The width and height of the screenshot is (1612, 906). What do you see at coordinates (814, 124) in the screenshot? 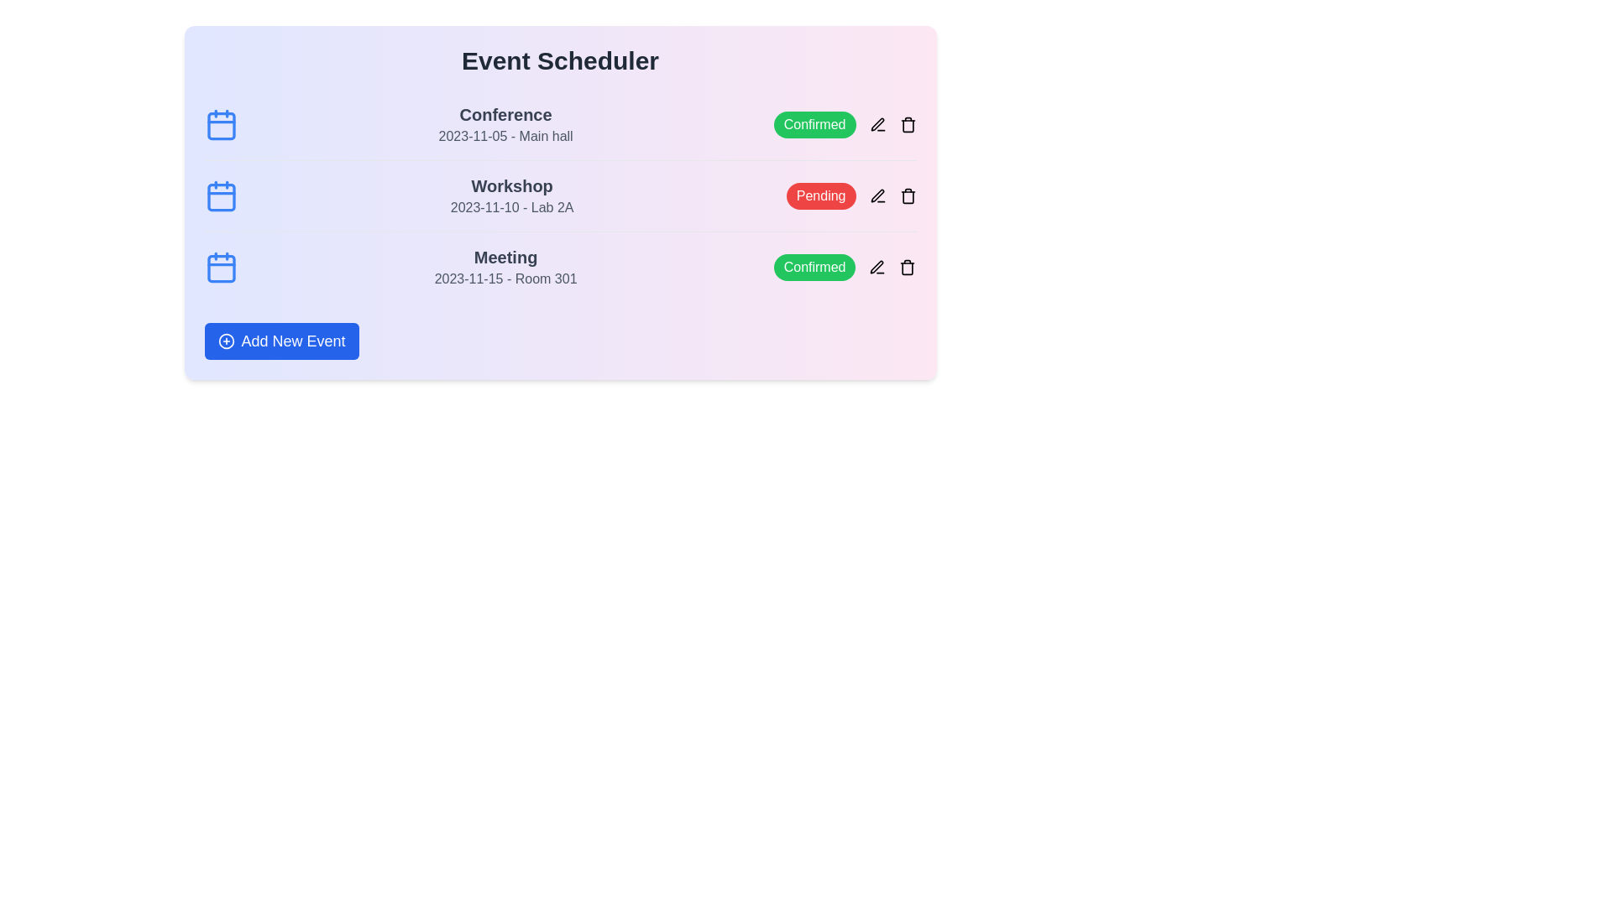
I see `the oval-shaped green button labeled 'Confirmed' located to the right of the 'Conference' event row in the 'Event Scheduler' interface` at bounding box center [814, 124].